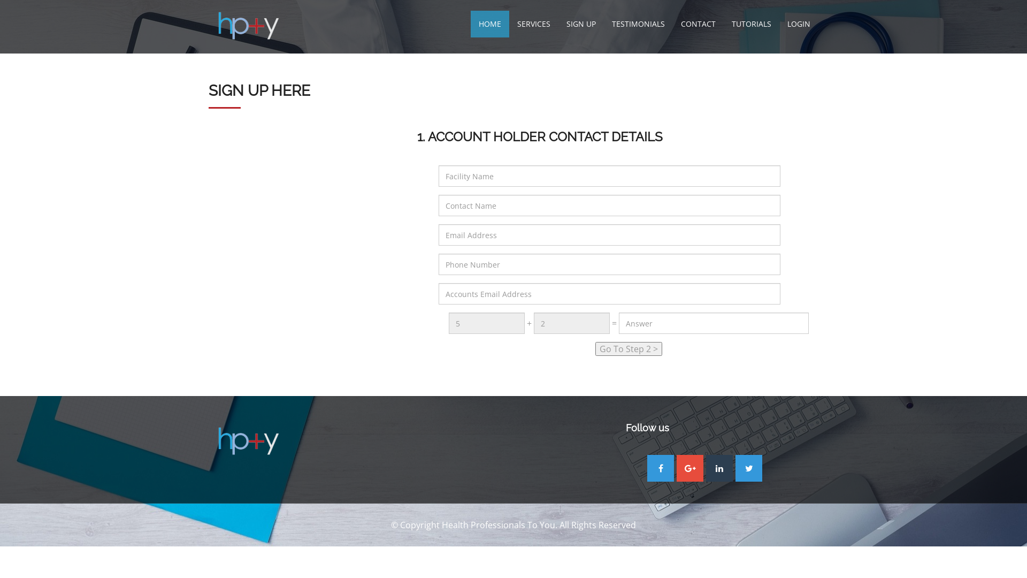  I want to click on 'Go To Step 2 >', so click(628, 348).